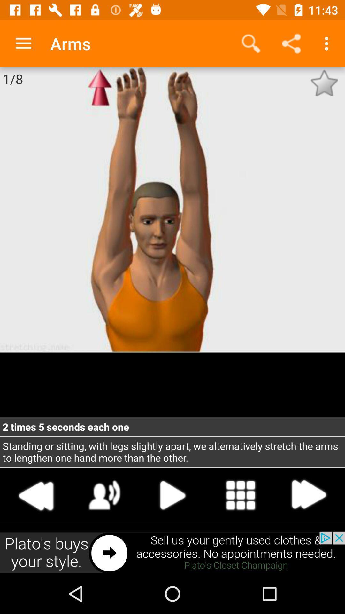 This screenshot has width=345, height=614. I want to click on turn on voice instruction, so click(104, 495).